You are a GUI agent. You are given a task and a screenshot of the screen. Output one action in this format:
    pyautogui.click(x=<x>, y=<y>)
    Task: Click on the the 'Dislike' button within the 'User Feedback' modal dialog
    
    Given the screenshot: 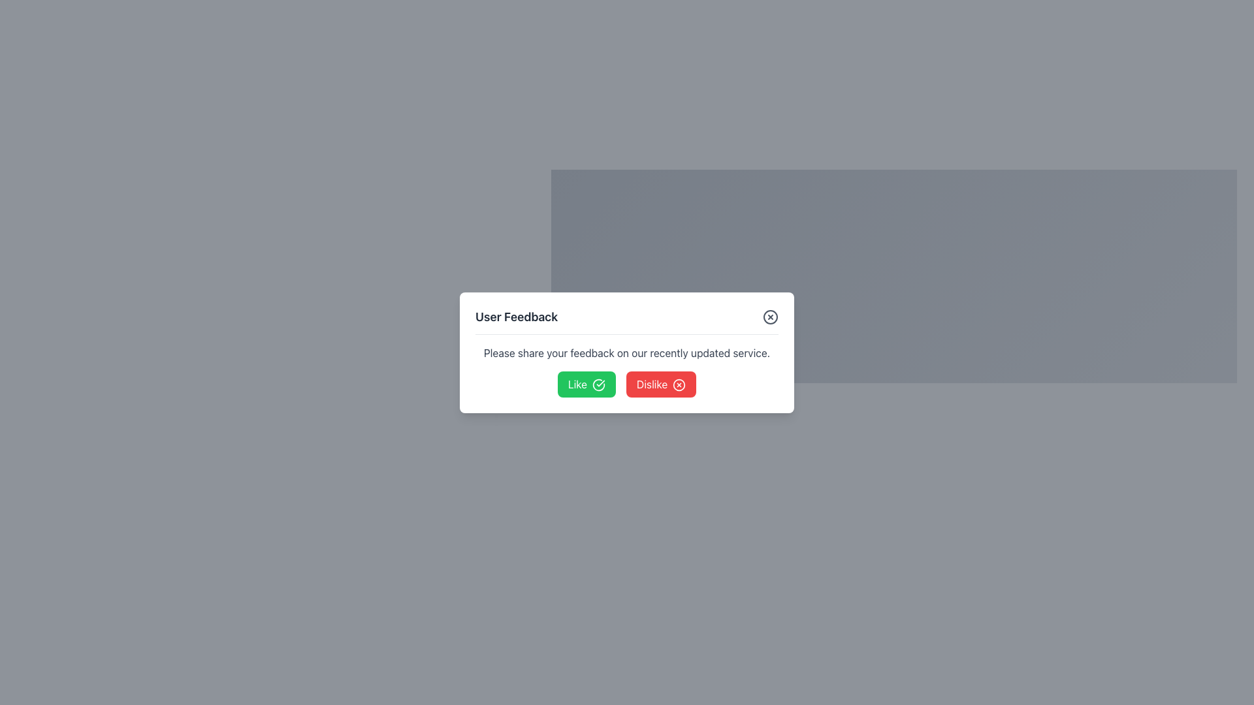 What is the action you would take?
    pyautogui.click(x=661, y=383)
    